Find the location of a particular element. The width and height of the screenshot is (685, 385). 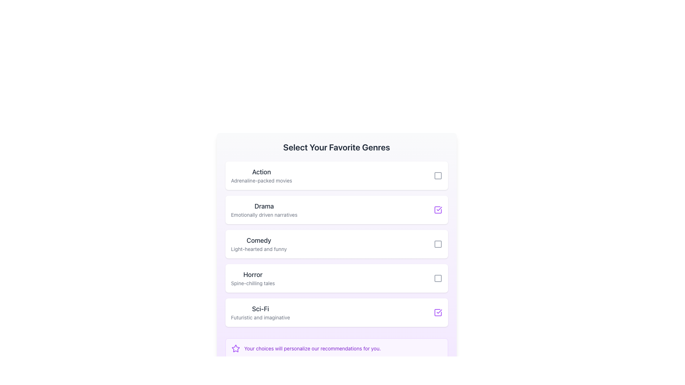

the star icon located to the left of the text block that states 'Your choices will personalize our recommendations for you.' for decorative purposes is located at coordinates (235, 348).